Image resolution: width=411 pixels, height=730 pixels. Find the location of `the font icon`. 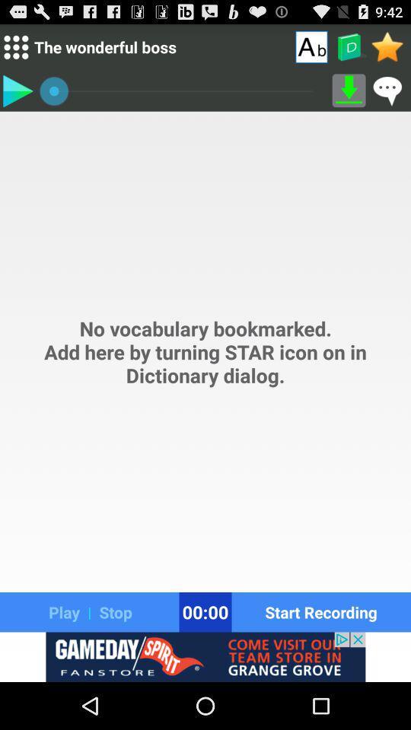

the font icon is located at coordinates (311, 49).